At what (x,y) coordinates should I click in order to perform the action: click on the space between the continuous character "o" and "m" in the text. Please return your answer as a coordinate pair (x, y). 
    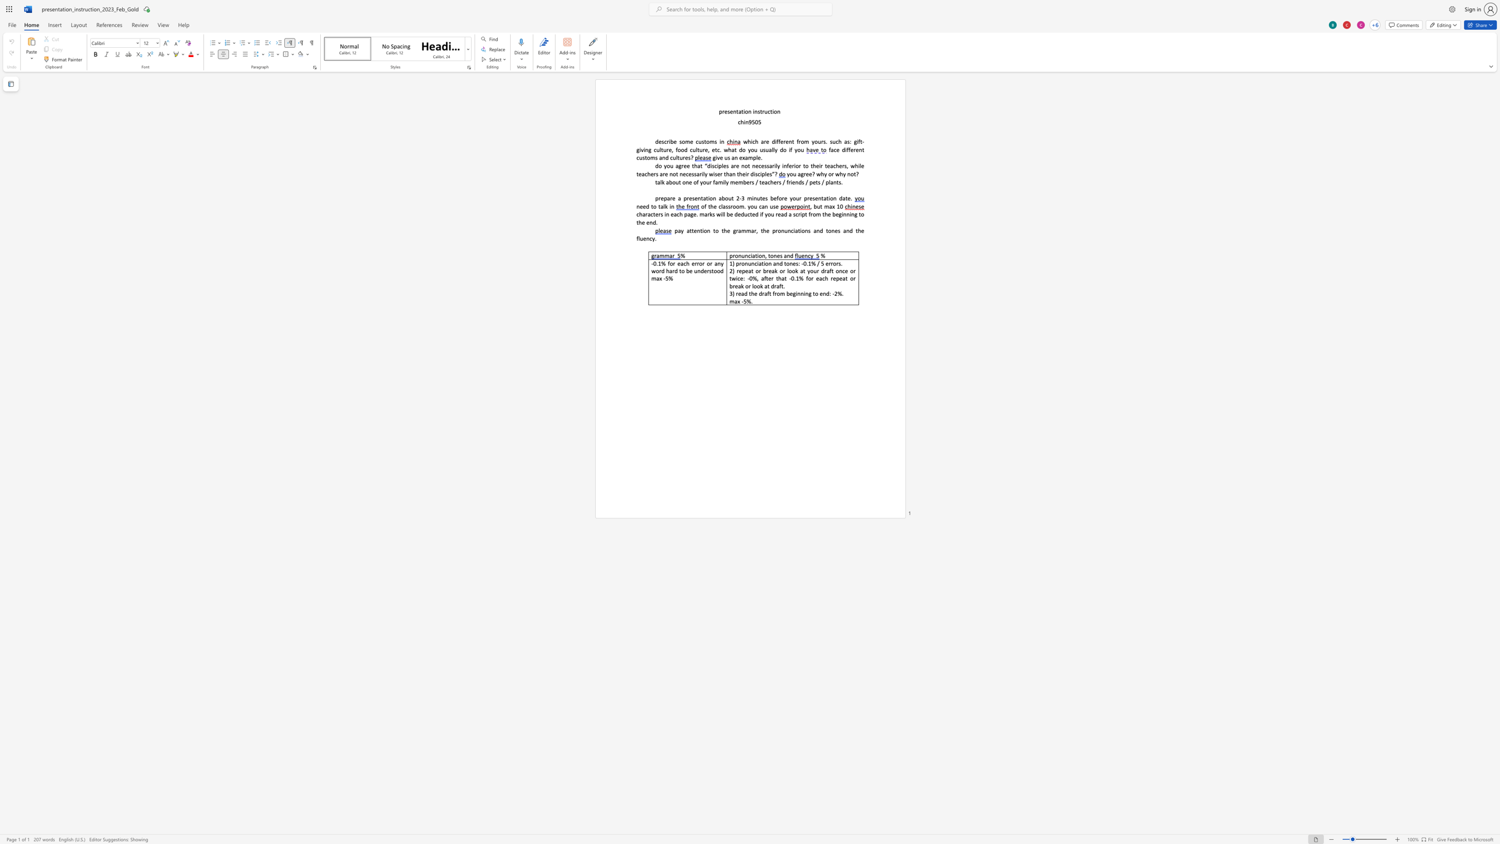
    Looking at the image, I should click on (650, 157).